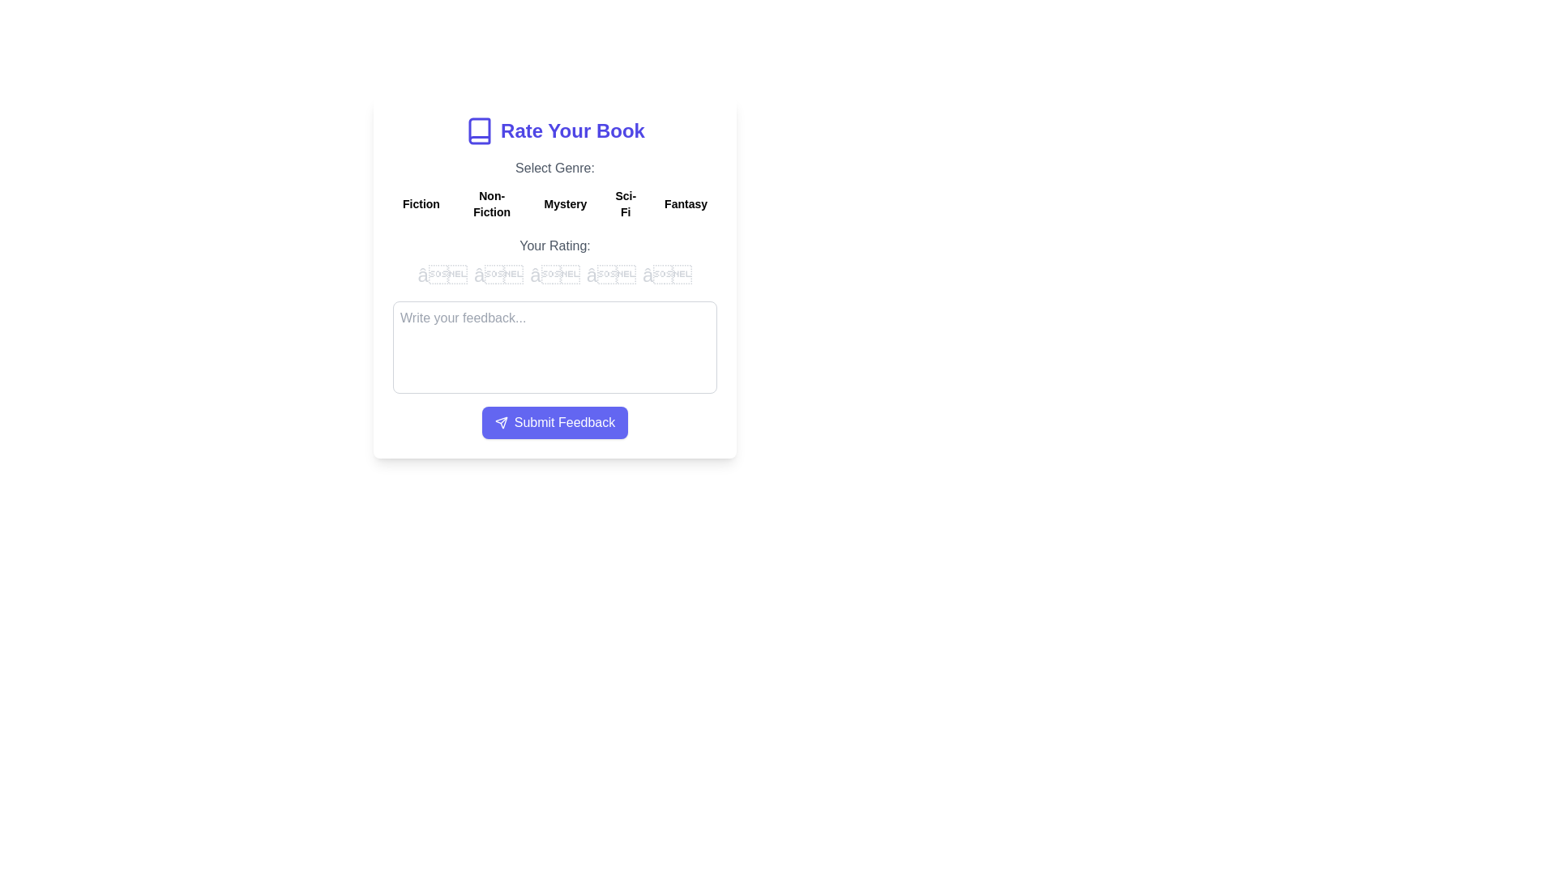 The image size is (1556, 875). Describe the element at coordinates (479, 130) in the screenshot. I see `the decorative icon for the 'Rate Your Book' section, which is positioned at the top-left of the section, directly to the left of the title` at that location.